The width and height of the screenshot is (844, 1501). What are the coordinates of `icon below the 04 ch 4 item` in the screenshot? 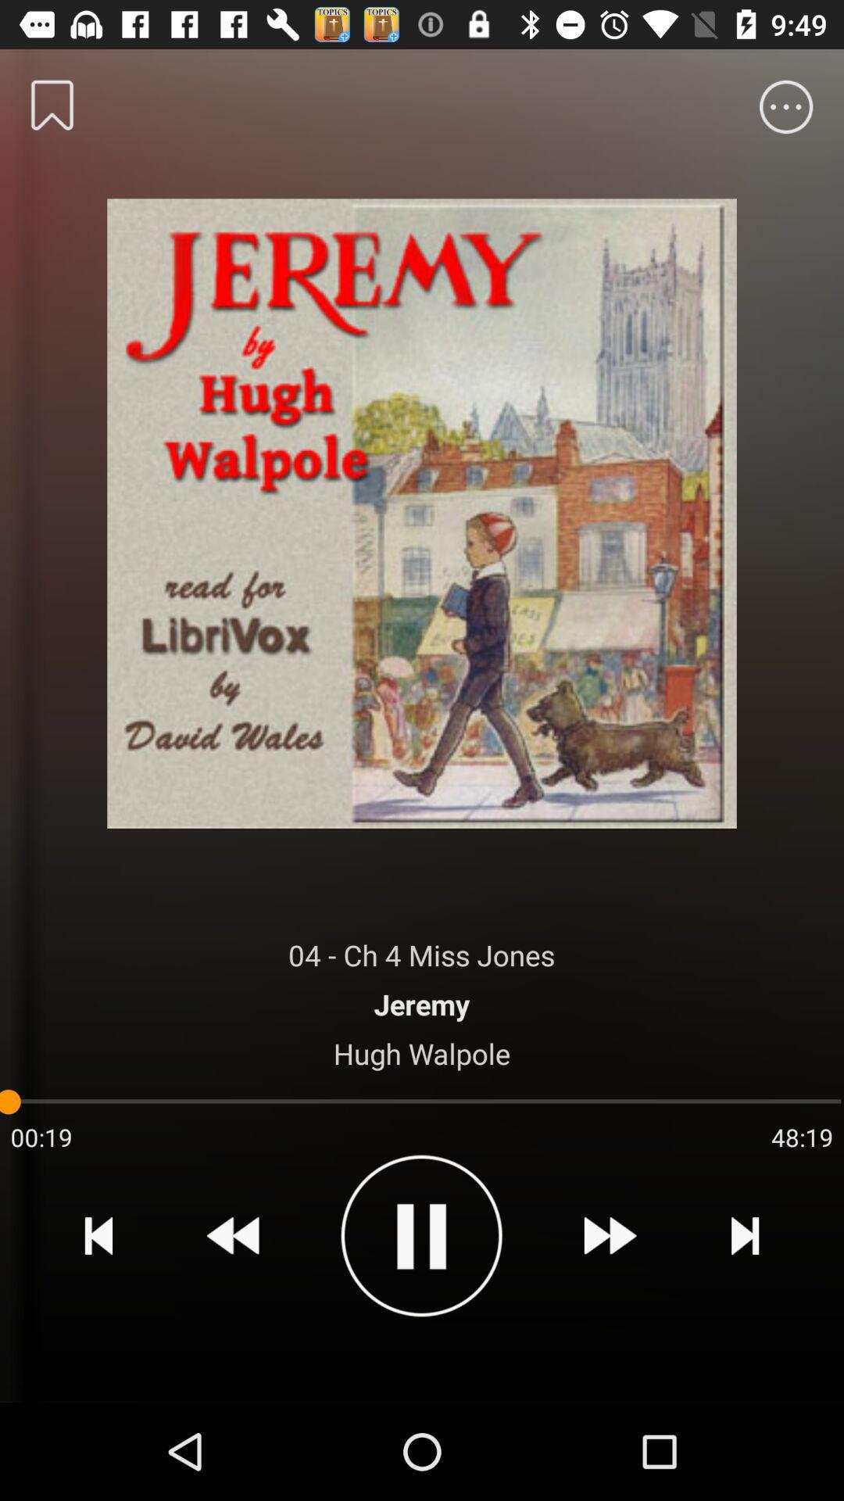 It's located at (422, 1004).